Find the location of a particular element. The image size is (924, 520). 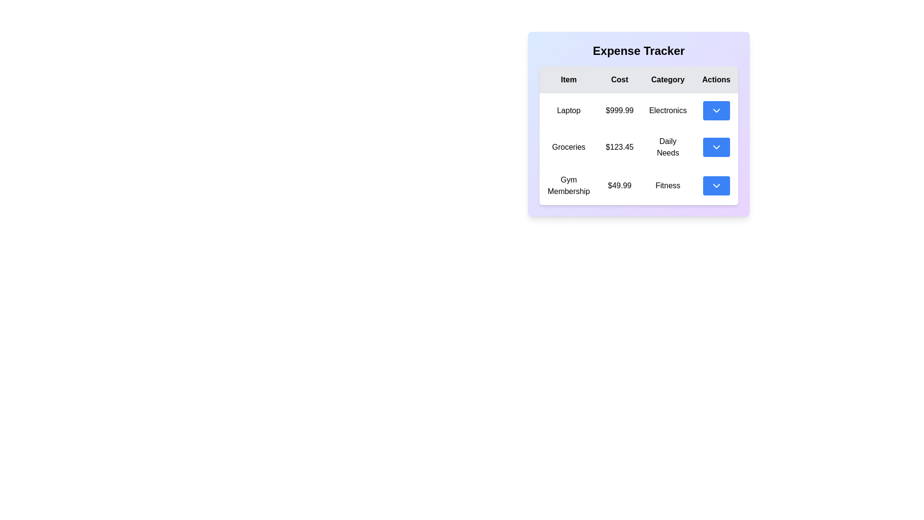

the price element displaying '$999.99' in the 'Cost' column of the table for the item 'Laptop' is located at coordinates (619, 110).